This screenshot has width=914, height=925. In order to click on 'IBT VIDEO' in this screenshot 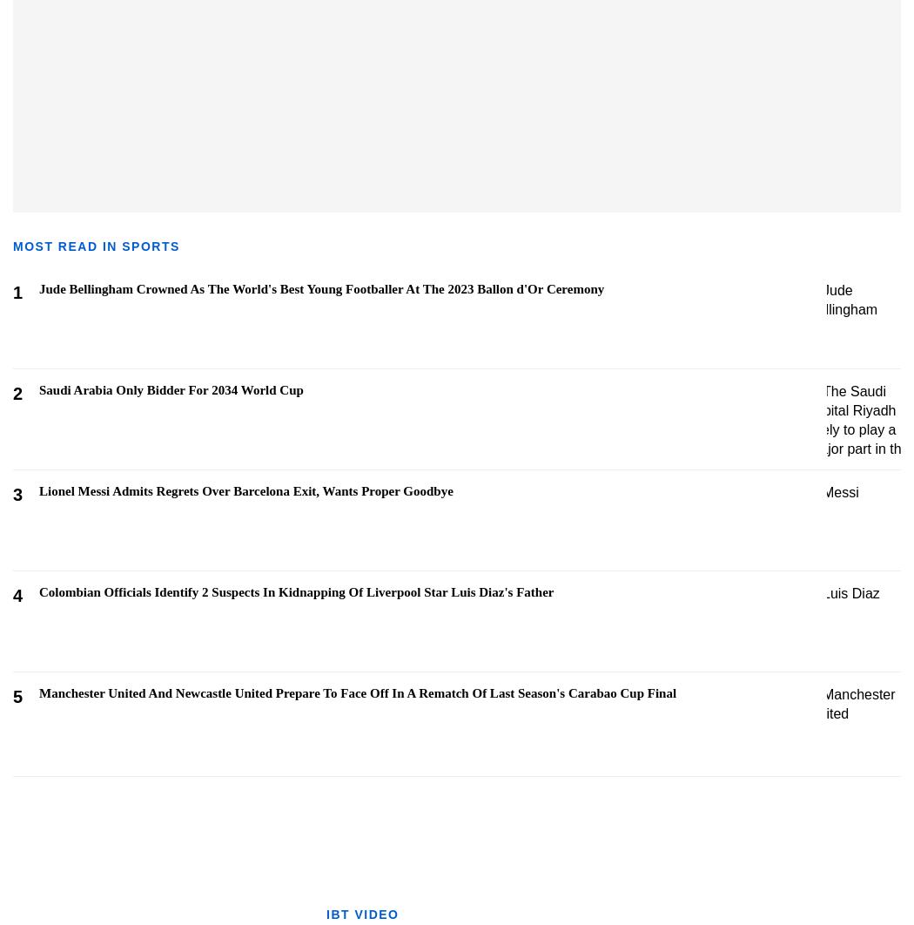, I will do `click(361, 913)`.